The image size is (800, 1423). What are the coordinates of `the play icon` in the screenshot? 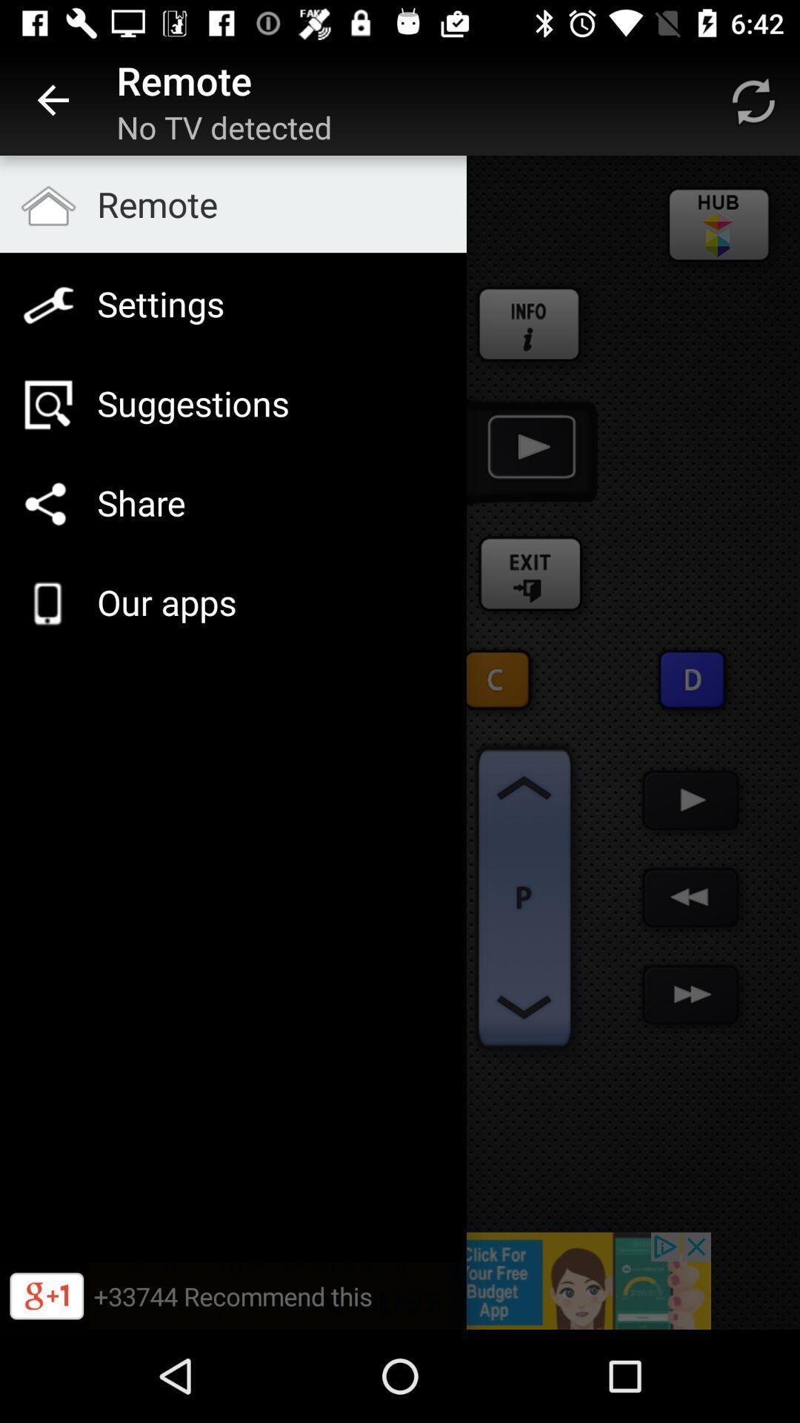 It's located at (691, 800).